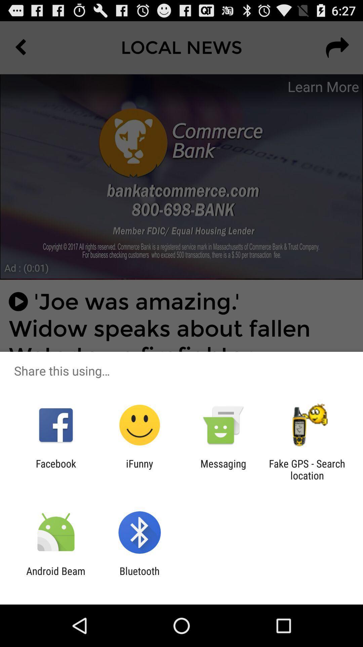  What do you see at coordinates (223, 469) in the screenshot?
I see `the item next to the ifunny icon` at bounding box center [223, 469].